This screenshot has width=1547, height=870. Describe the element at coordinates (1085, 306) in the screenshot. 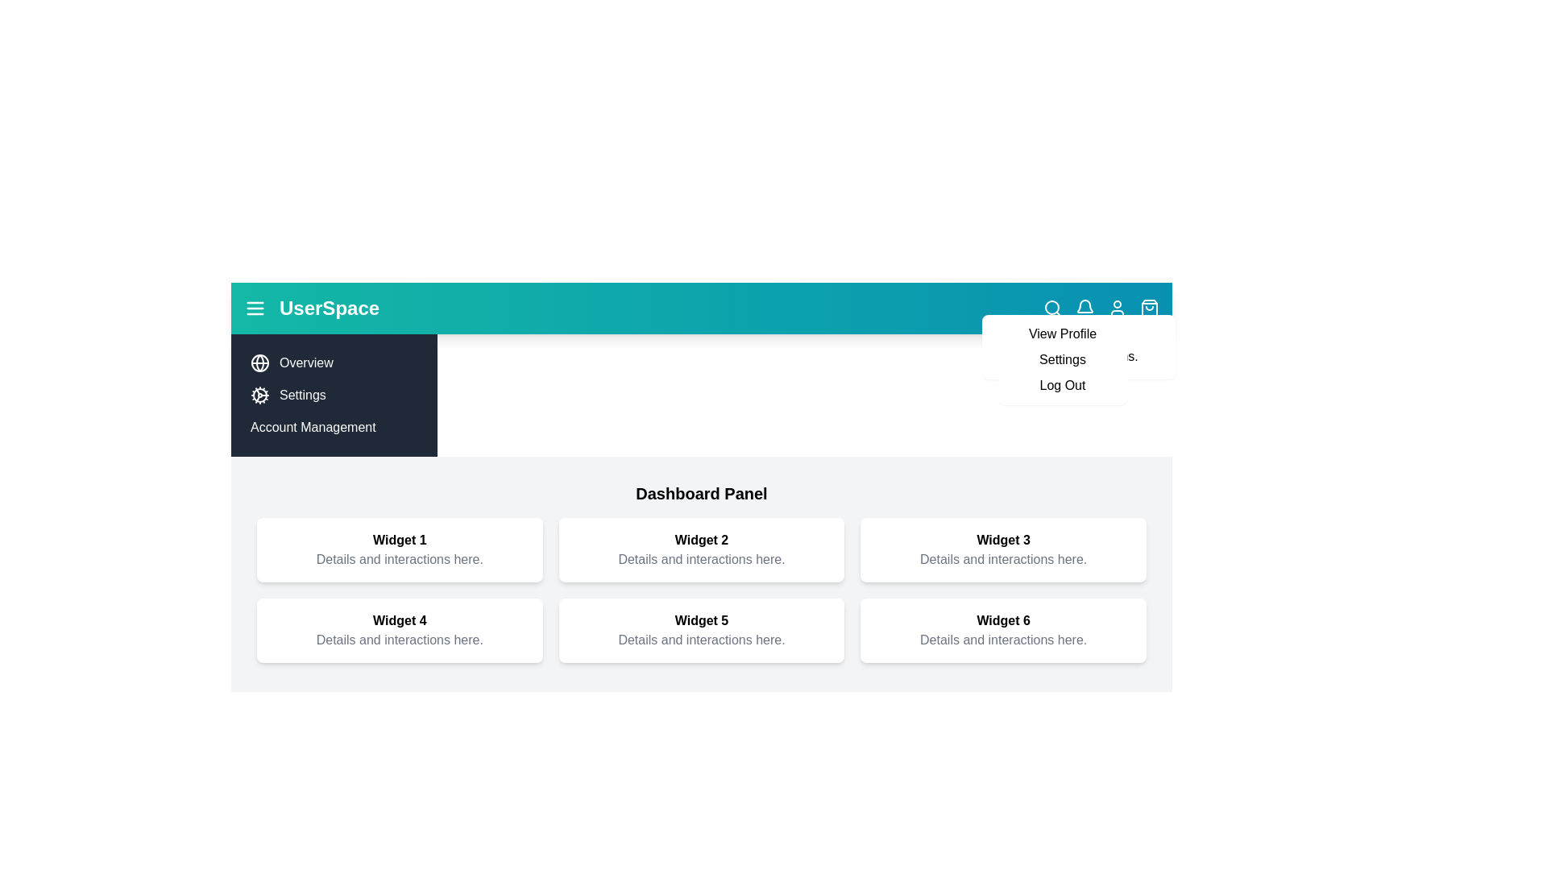

I see `the bell icon located on the top-right end of the toolbar` at that location.